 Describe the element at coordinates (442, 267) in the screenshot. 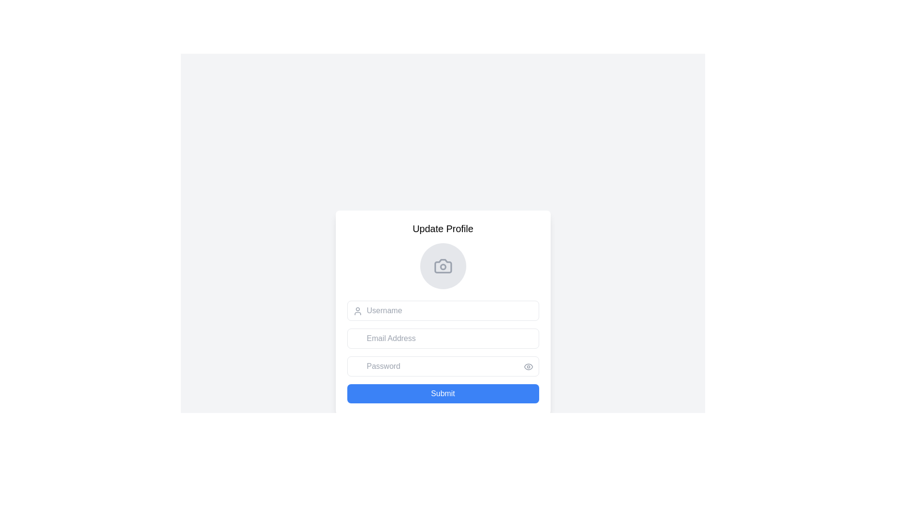

I see `the central circular part of the profile picture update icon located at the top of the profile form` at that location.